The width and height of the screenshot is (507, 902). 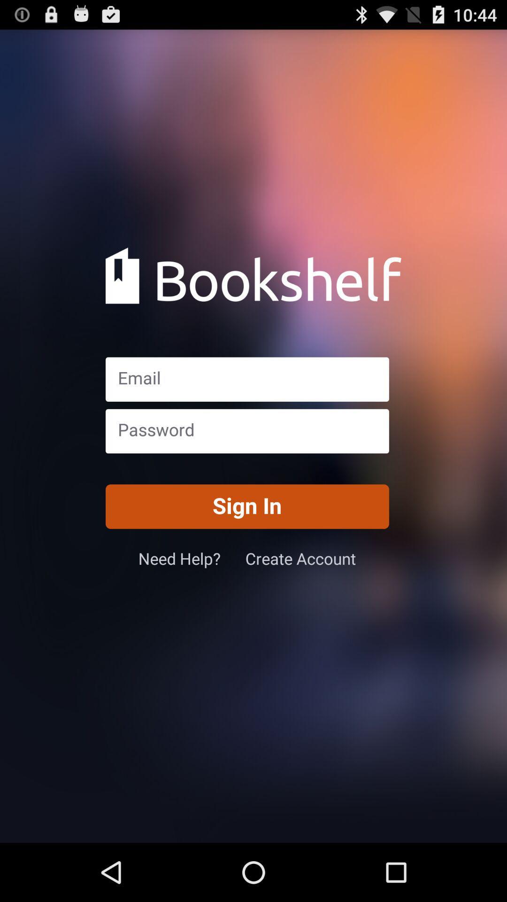 What do you see at coordinates (300, 558) in the screenshot?
I see `button to the right of the need help? button` at bounding box center [300, 558].